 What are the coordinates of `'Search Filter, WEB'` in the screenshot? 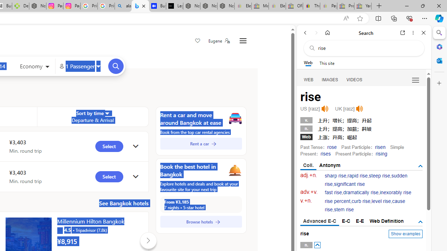 It's located at (308, 79).